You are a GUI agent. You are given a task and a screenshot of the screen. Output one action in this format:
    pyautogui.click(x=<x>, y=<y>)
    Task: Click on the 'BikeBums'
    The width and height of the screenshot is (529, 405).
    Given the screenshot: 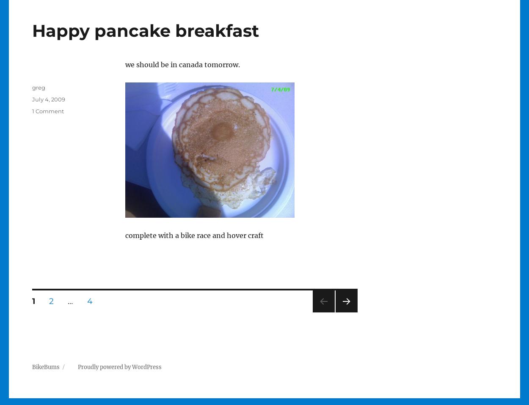 What is the action you would take?
    pyautogui.click(x=31, y=367)
    